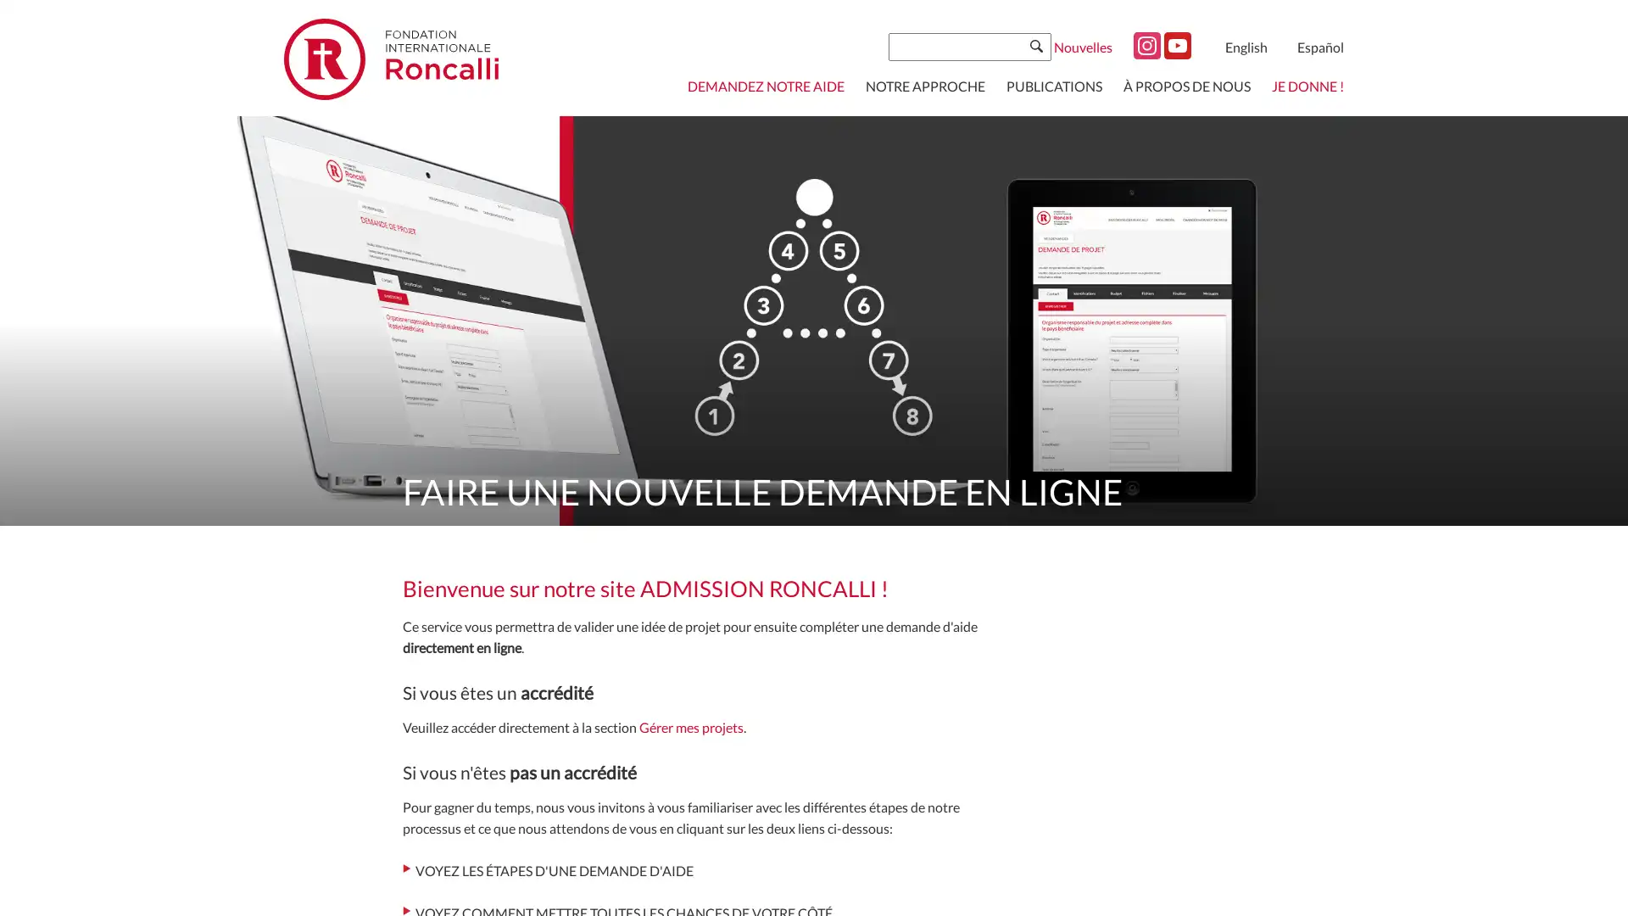 This screenshot has width=1628, height=916. I want to click on Chercher, so click(1035, 45).